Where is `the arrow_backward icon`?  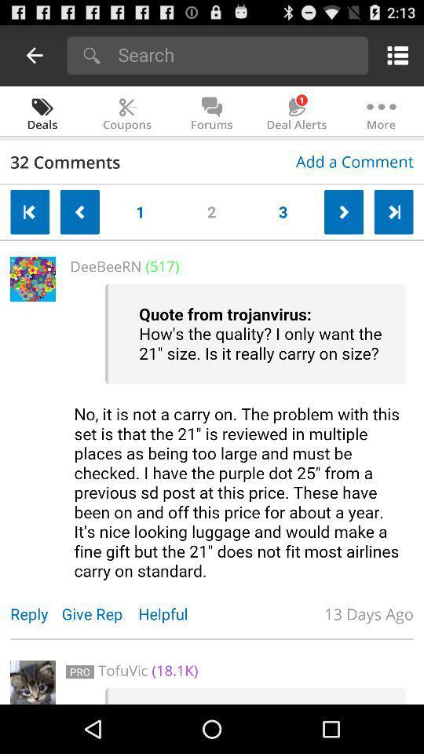
the arrow_backward icon is located at coordinates (79, 226).